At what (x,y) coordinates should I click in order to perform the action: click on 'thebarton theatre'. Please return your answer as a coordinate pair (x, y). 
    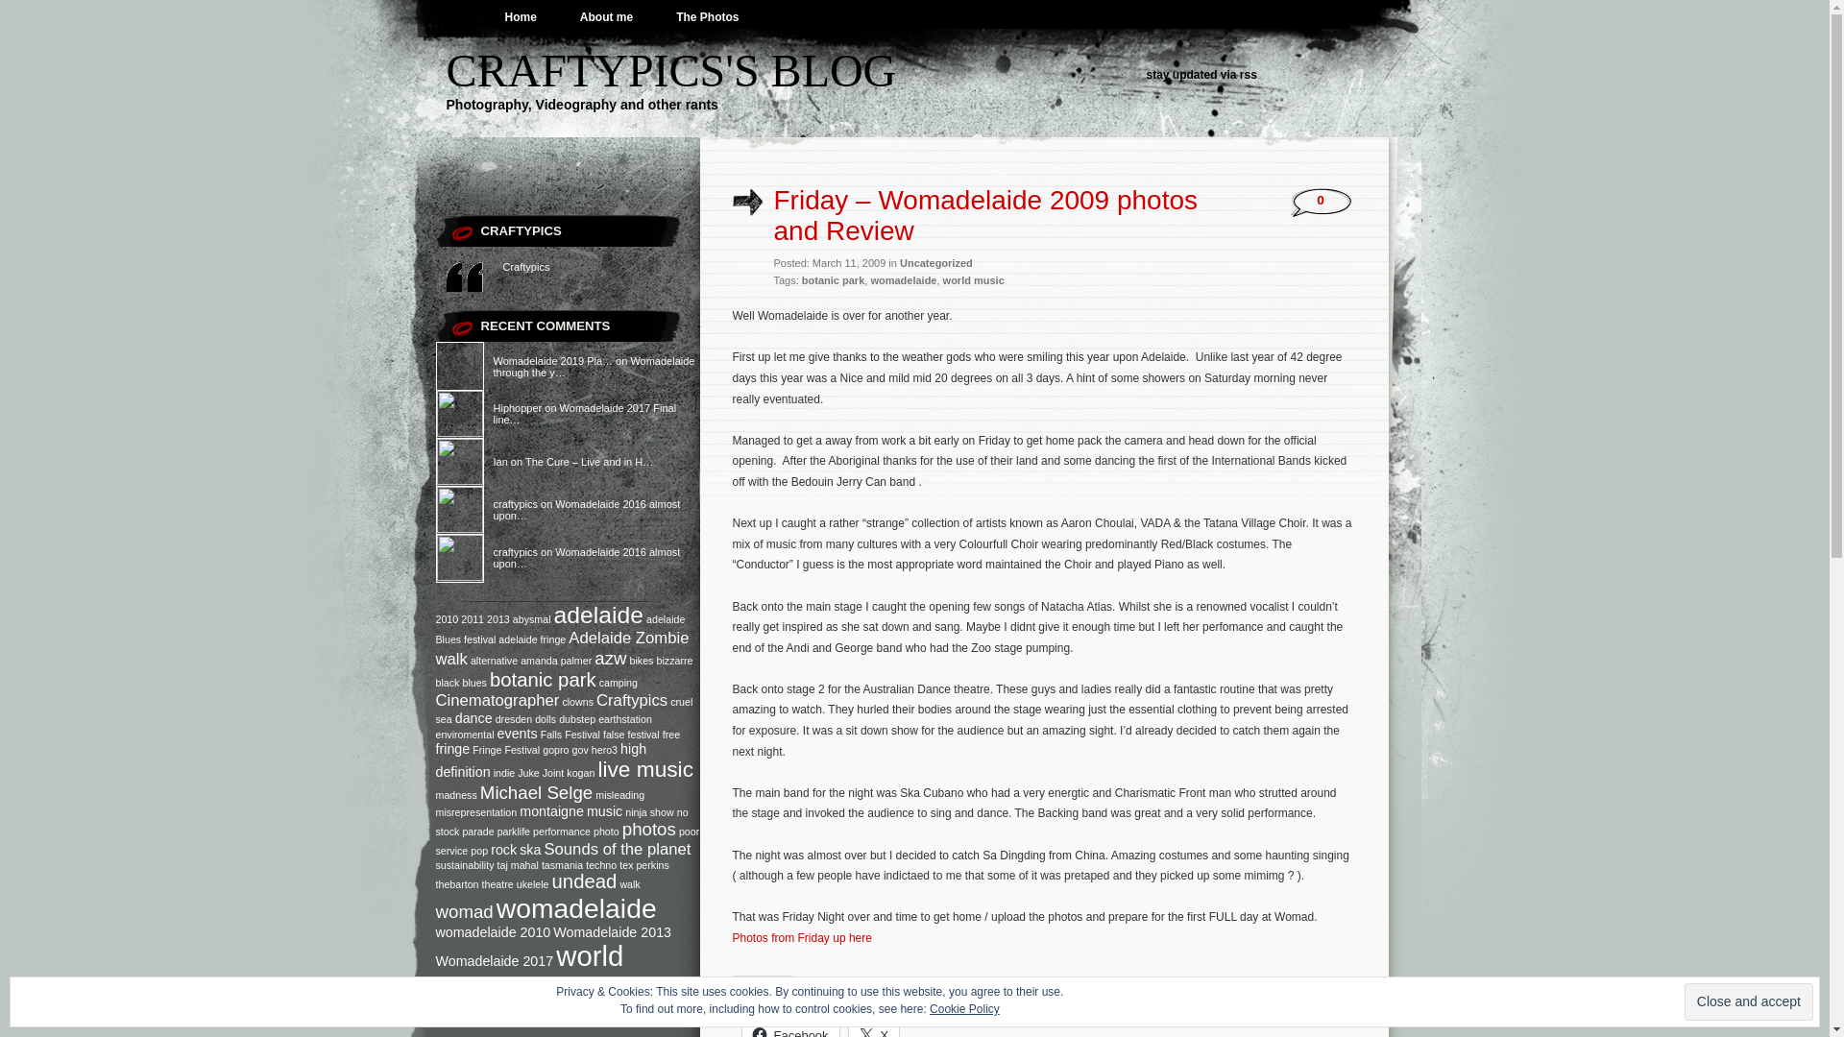
    Looking at the image, I should click on (474, 884).